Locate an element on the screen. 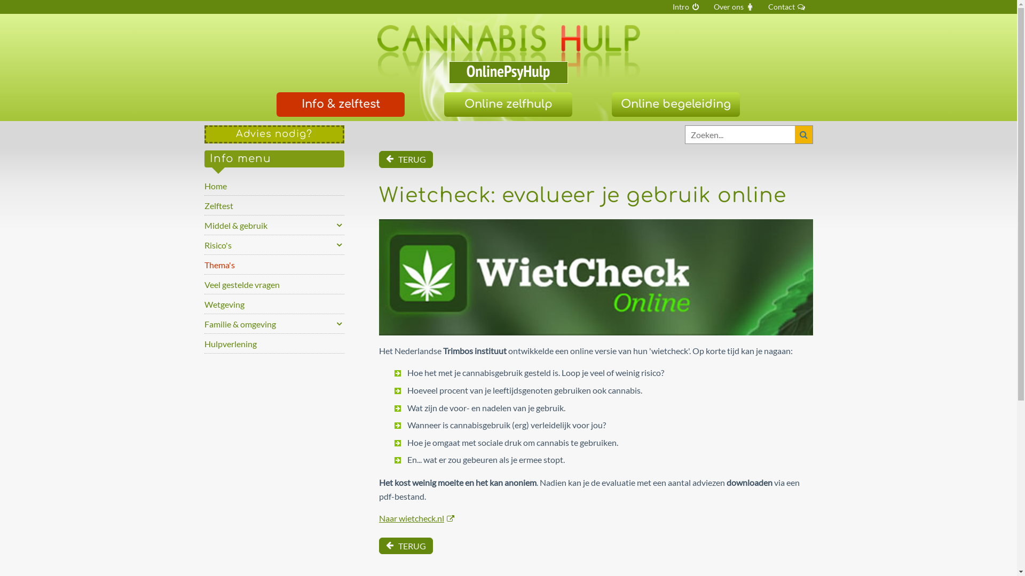  'Intro' is located at coordinates (686, 6).